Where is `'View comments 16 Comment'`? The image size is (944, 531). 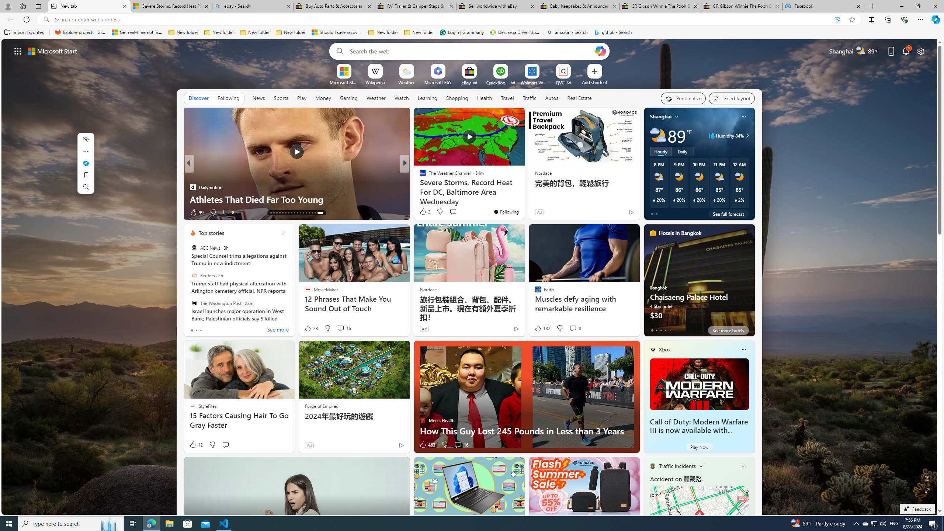
'View comments 16 Comment' is located at coordinates (461, 445).